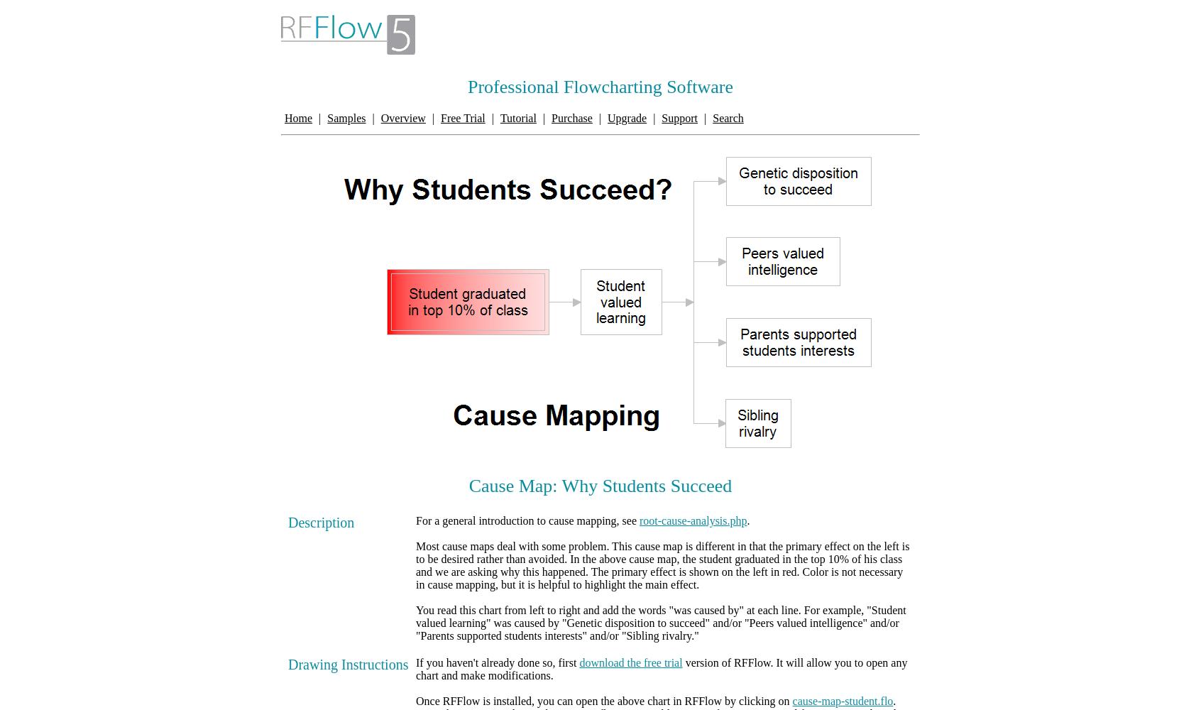 This screenshot has height=710, width=1201. What do you see at coordinates (727, 118) in the screenshot?
I see `'Search'` at bounding box center [727, 118].